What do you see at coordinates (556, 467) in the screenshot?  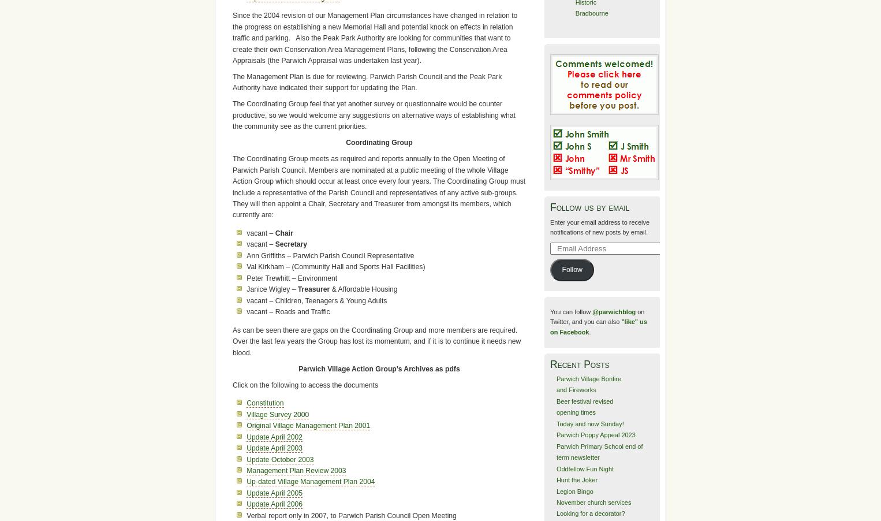 I see `'Oddfellow Fun Night'` at bounding box center [556, 467].